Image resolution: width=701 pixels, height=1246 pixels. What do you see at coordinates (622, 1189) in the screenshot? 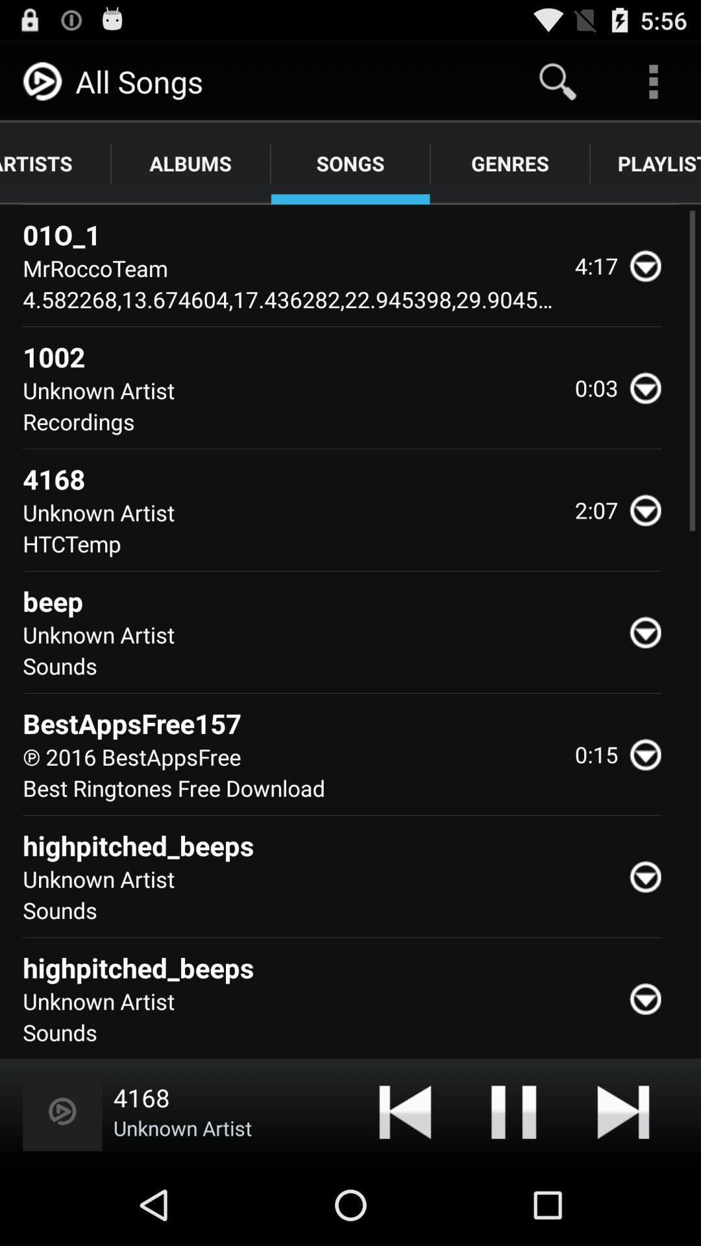
I see `the skip_next icon` at bounding box center [622, 1189].